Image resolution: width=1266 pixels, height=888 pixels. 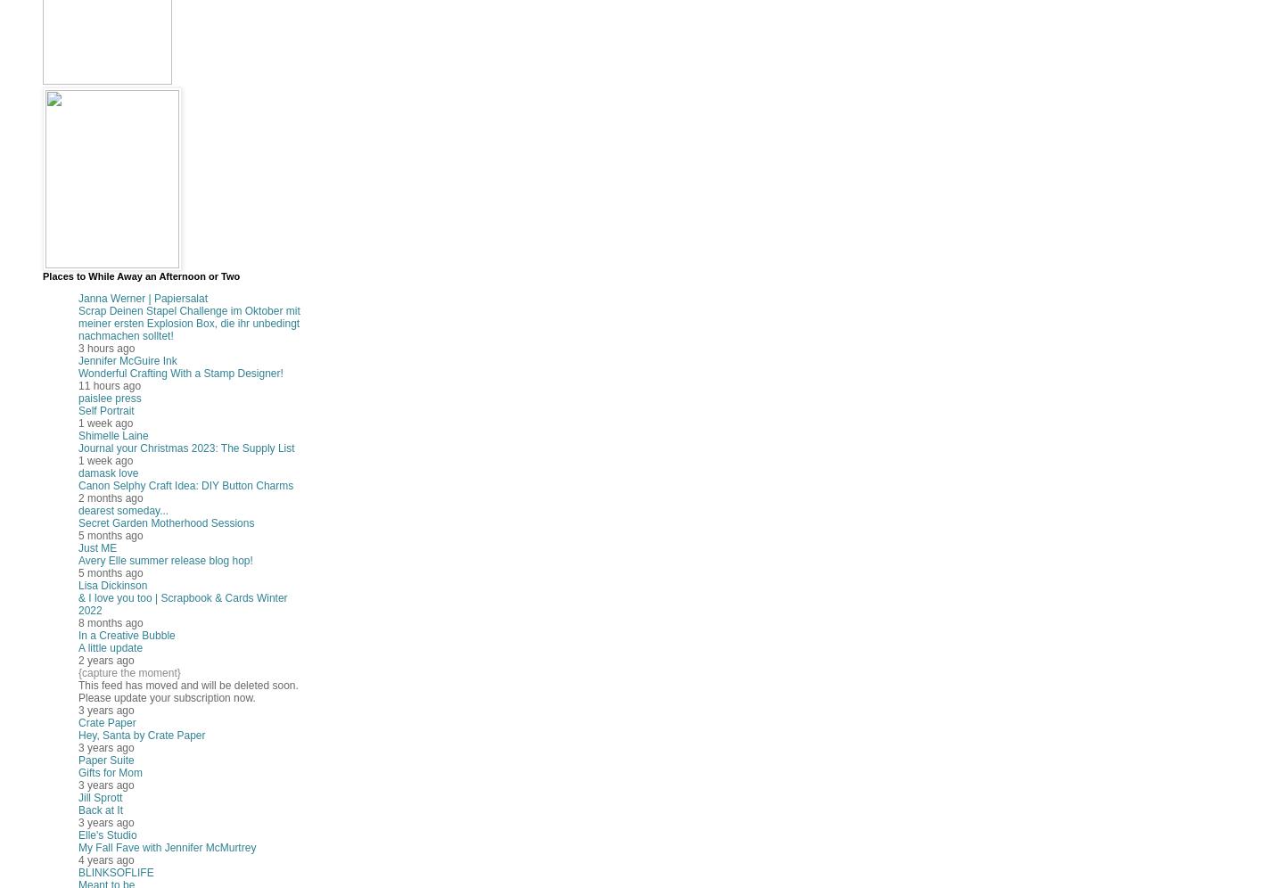 I want to click on '& I love you too | Scrapbook & Cards Winter 2022', so click(x=183, y=604).